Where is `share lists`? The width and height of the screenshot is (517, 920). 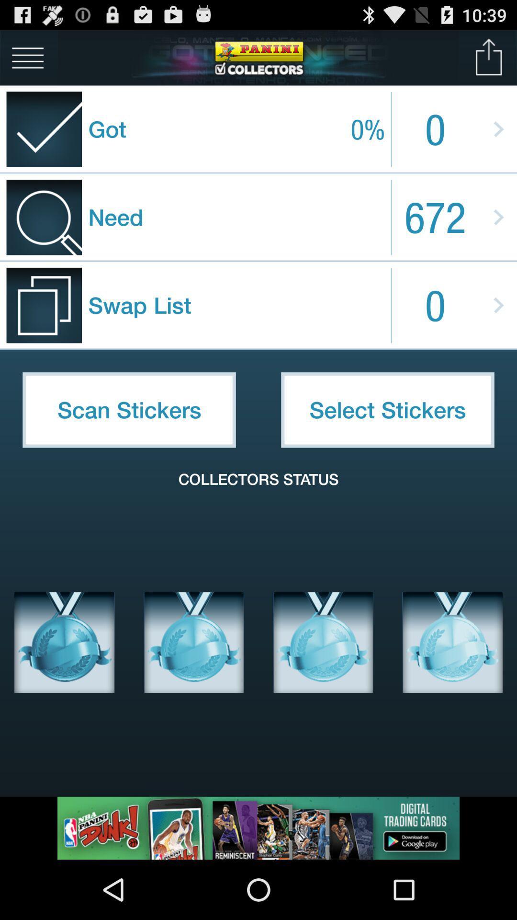
share lists is located at coordinates (489, 57).